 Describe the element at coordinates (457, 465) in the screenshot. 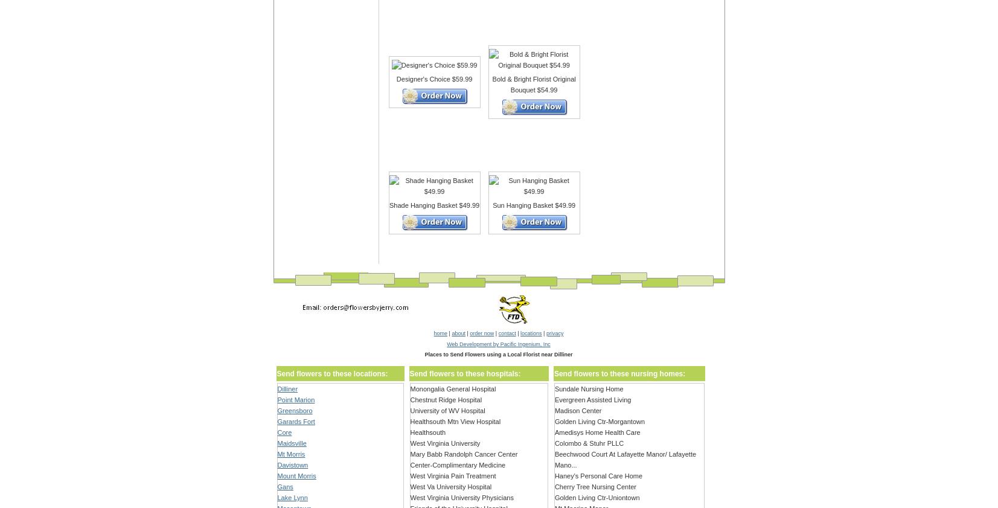

I see `'Center-Complimentary Medicine'` at that location.